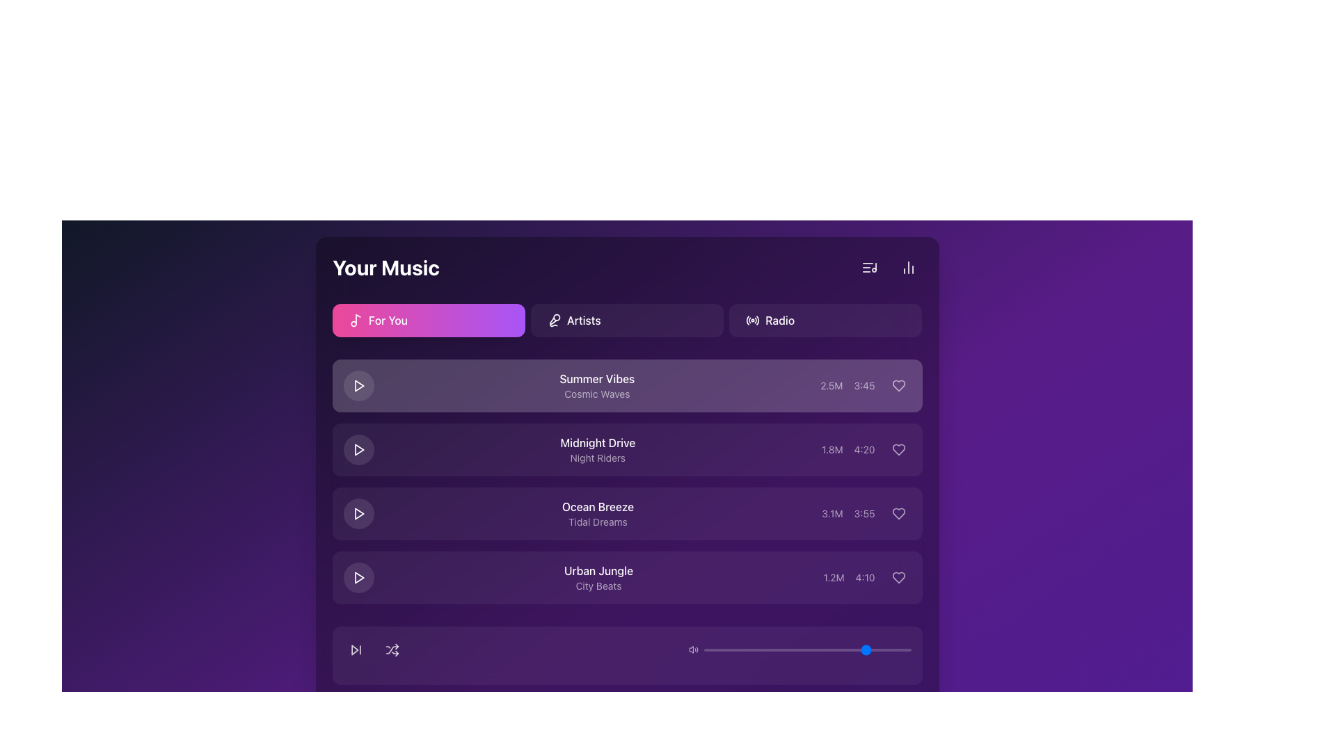 The width and height of the screenshot is (1336, 751). What do you see at coordinates (584, 321) in the screenshot?
I see `the text label that identifies the navigation option for browsing artists, which is the third clickable option in the navigation bar, positioned between 'For You' and a microphone icon` at bounding box center [584, 321].